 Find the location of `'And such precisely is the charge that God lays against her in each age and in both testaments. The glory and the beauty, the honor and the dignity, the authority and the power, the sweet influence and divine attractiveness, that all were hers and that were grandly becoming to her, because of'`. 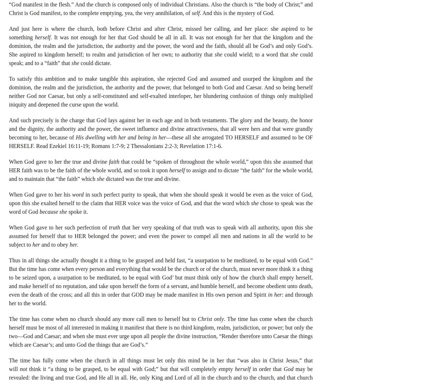

'And such precisely is the charge that God lays against her in each age and in both testaments. The glory and the beauty, the honor and the dignity, the authority and the power, the sweet influence and divine attractiveness, that all were hers and that were grandly becoming to her, because of' is located at coordinates (160, 128).